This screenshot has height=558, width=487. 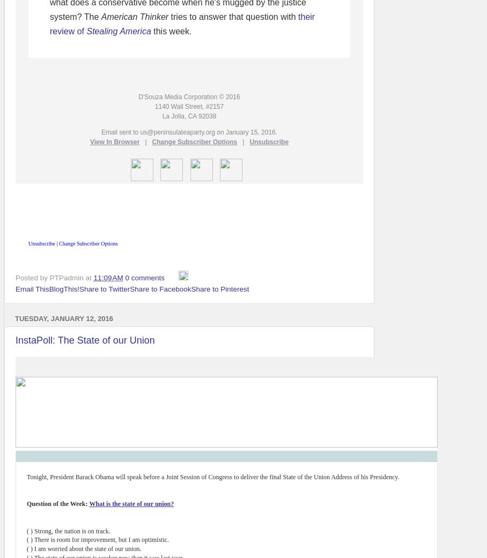 I want to click on 'their review of', so click(x=181, y=23).